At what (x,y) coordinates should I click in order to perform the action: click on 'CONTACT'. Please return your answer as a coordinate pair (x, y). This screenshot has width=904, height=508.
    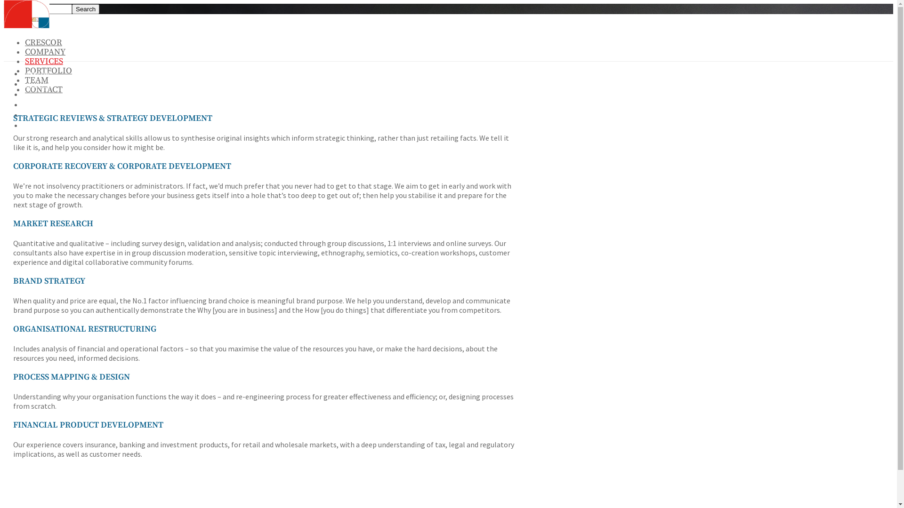
    Looking at the image, I should click on (43, 89).